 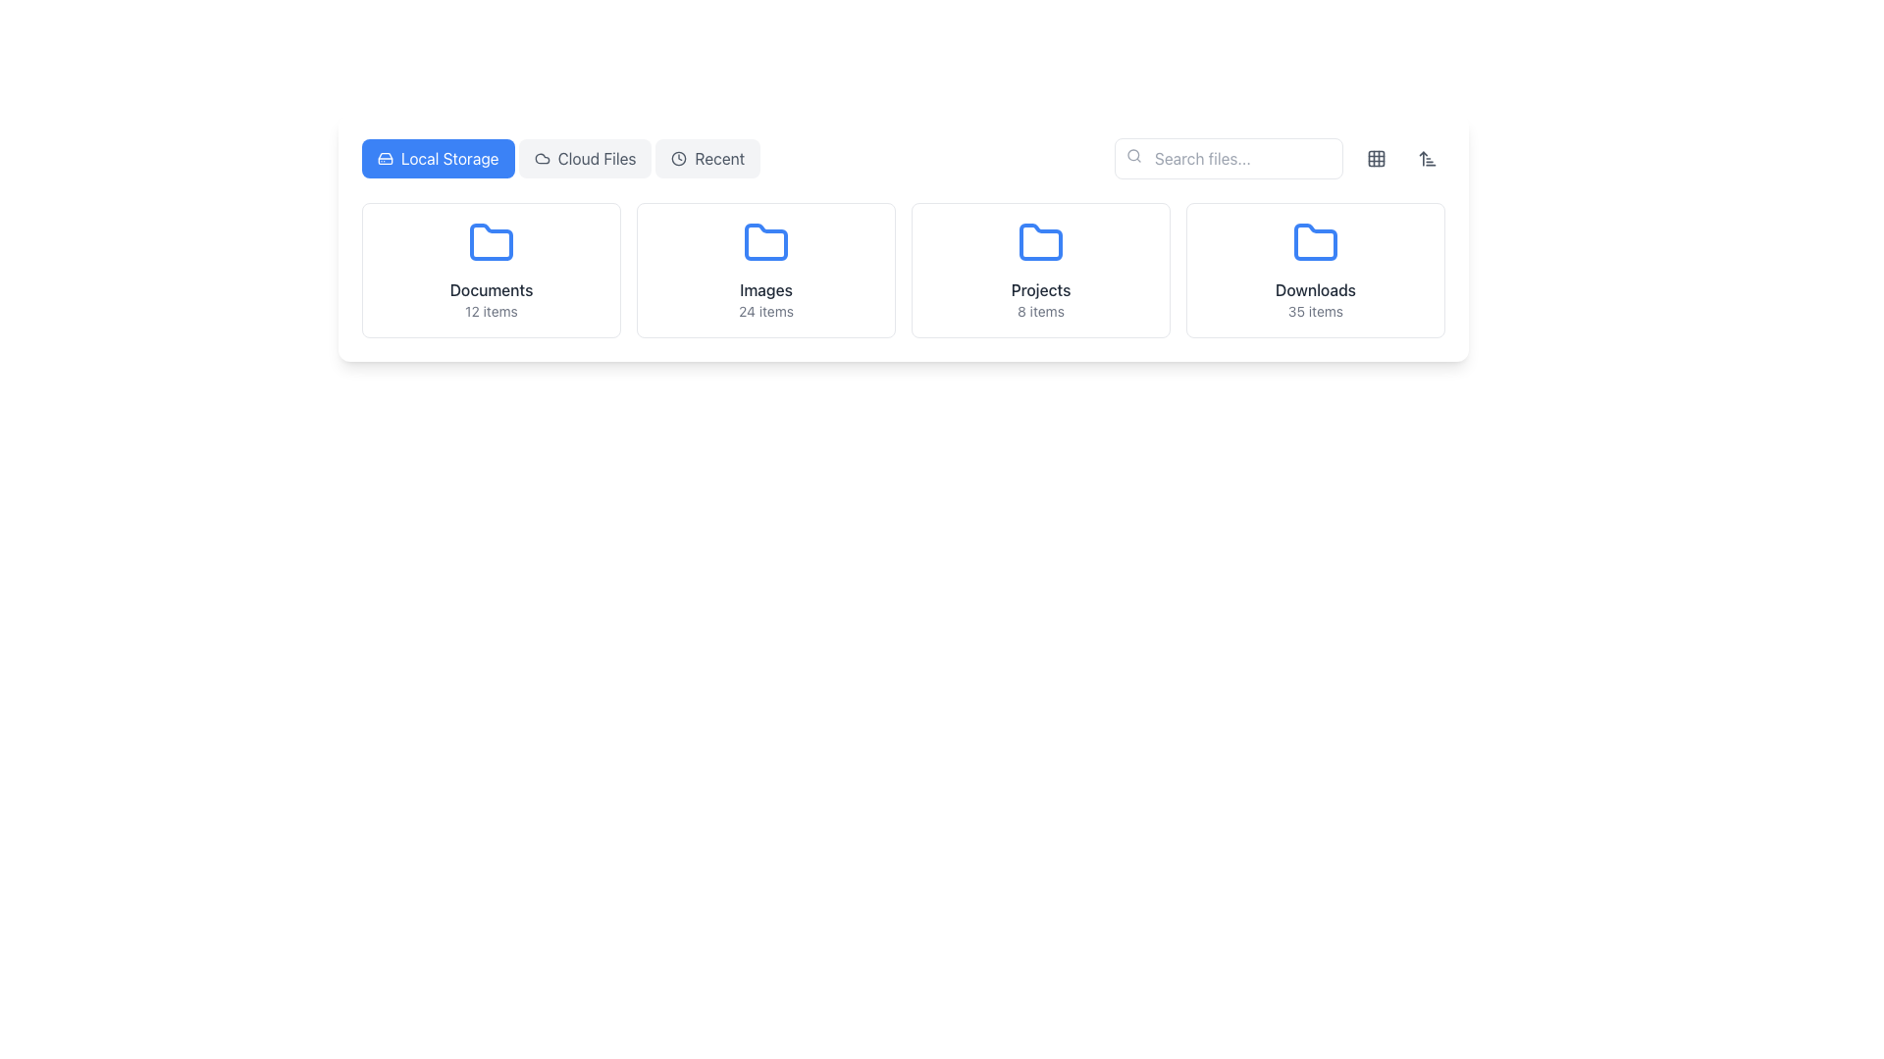 I want to click on the text label displaying 'Images' in medium font weight and gray color, located within the second folder card in a horizontal layout of folder cards, so click(x=765, y=290).